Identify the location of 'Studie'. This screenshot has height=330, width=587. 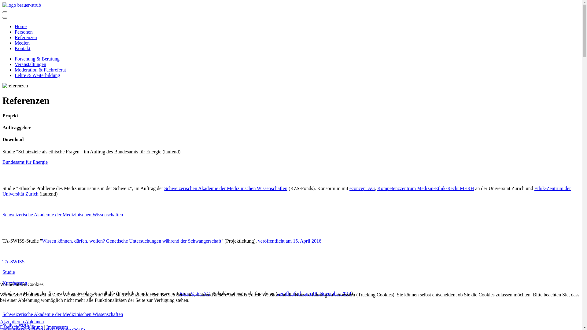
(9, 274).